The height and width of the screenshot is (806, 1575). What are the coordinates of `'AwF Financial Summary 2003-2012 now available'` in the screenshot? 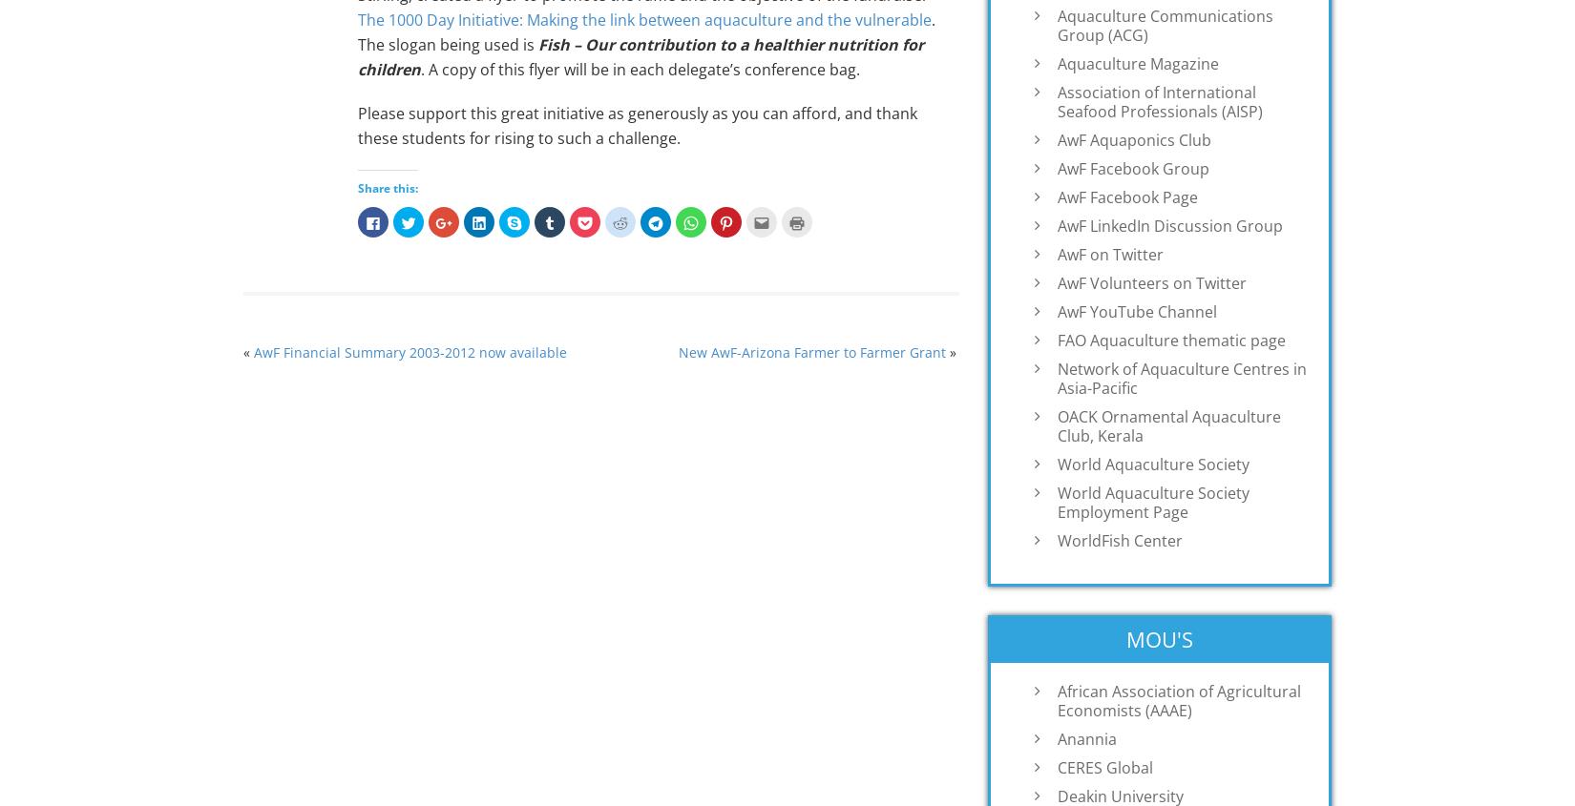 It's located at (409, 351).